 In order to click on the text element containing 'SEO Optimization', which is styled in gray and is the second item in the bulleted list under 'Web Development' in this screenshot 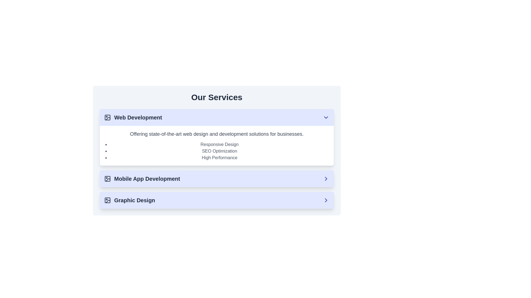, I will do `click(219, 151)`.